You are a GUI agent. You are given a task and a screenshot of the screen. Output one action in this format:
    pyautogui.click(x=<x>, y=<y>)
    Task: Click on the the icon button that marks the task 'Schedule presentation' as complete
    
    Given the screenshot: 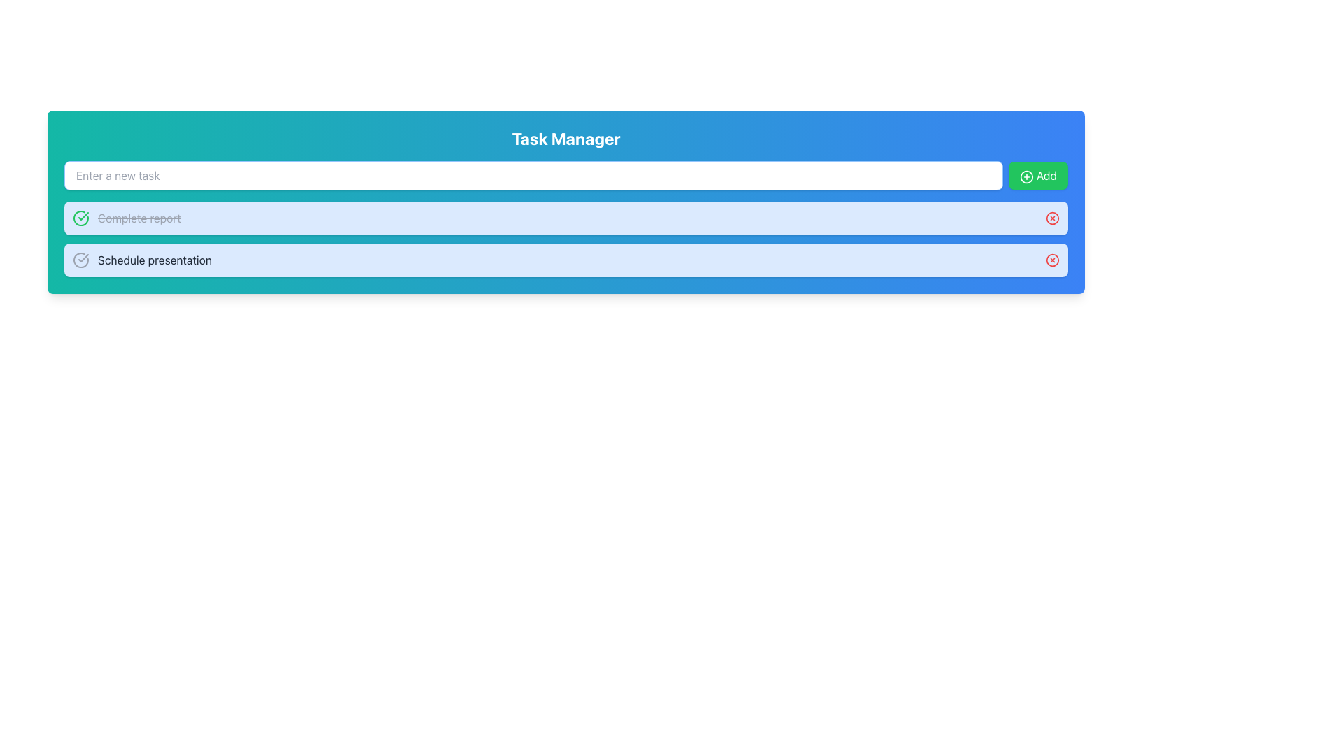 What is the action you would take?
    pyautogui.click(x=80, y=260)
    